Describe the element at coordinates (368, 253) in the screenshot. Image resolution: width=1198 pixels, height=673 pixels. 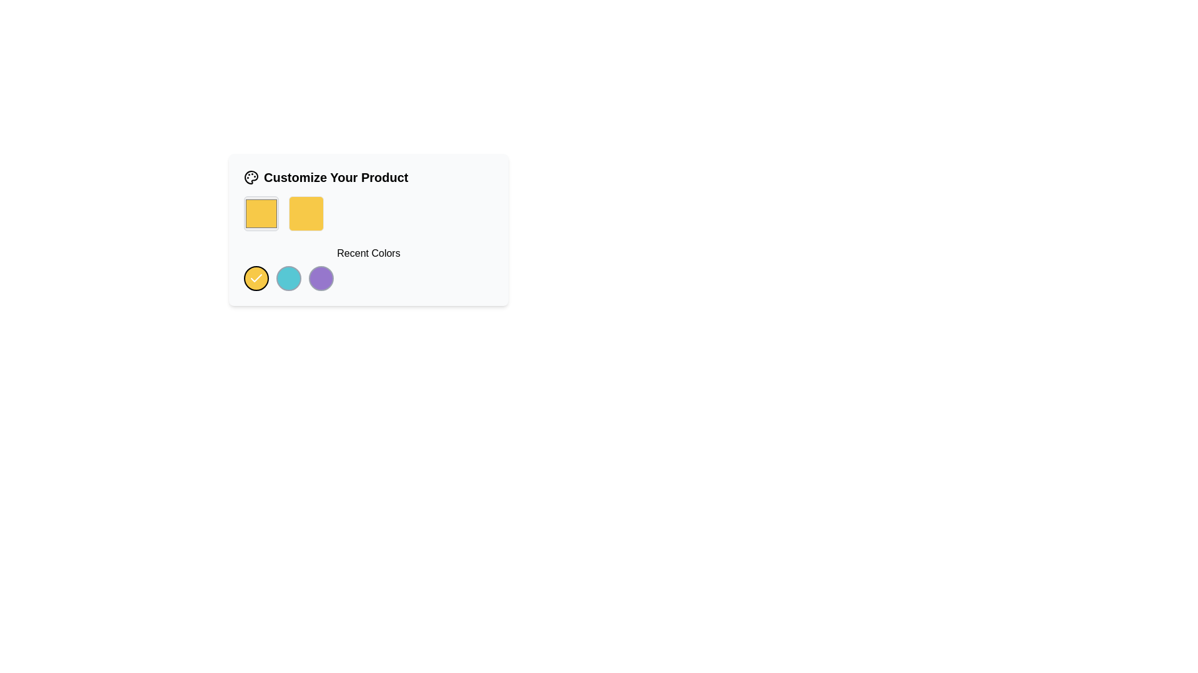
I see `the 'Recent Colors' textual label, which is centrally located beneath two colored square icons and above a set of circular colored icons` at that location.